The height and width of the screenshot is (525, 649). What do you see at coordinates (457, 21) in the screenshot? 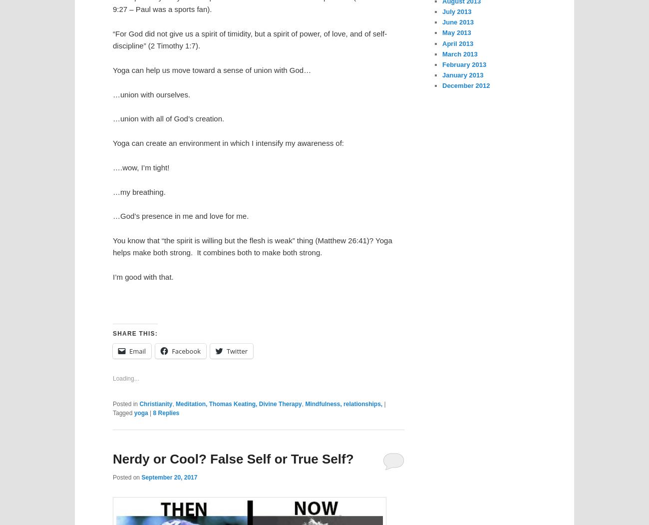
I see `'June 2013'` at bounding box center [457, 21].